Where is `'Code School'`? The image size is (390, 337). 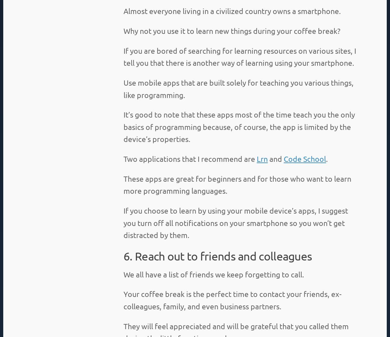 'Code School' is located at coordinates (283, 159).